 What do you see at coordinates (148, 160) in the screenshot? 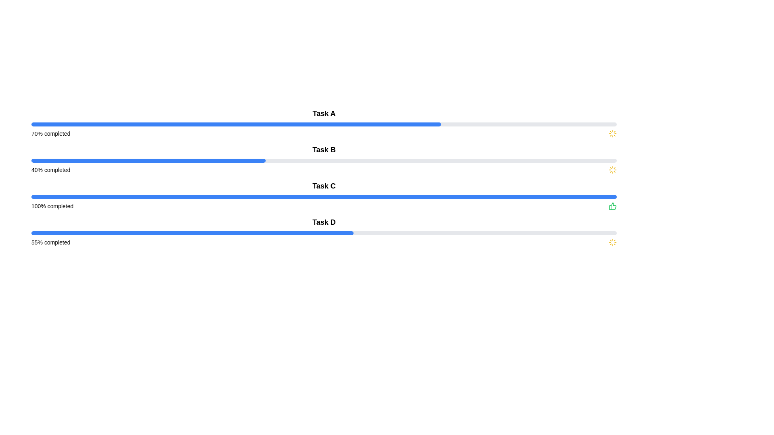
I see `the progress bar indicating 'Task B' which is filled to 40% and has a blue color, located in the second row of progress bars` at bounding box center [148, 160].